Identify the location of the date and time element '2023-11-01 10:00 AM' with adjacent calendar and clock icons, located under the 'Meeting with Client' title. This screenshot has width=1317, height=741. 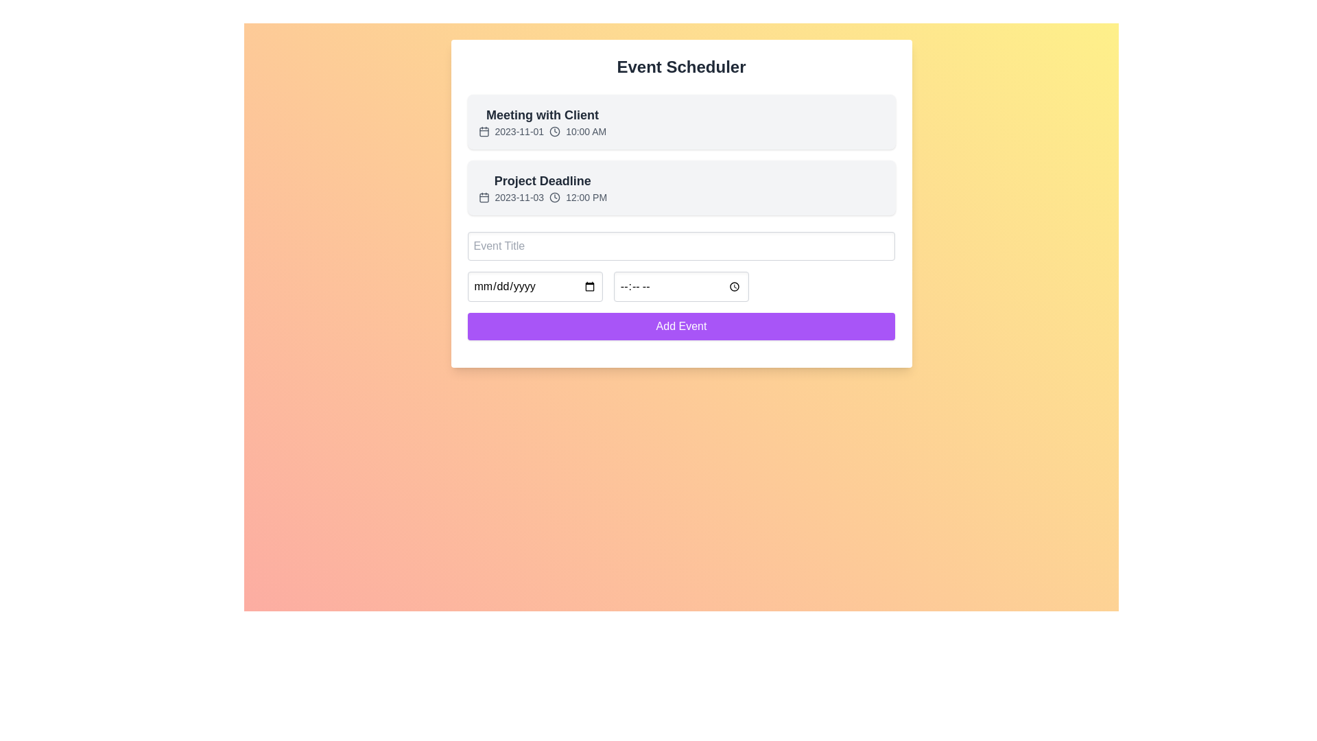
(541, 132).